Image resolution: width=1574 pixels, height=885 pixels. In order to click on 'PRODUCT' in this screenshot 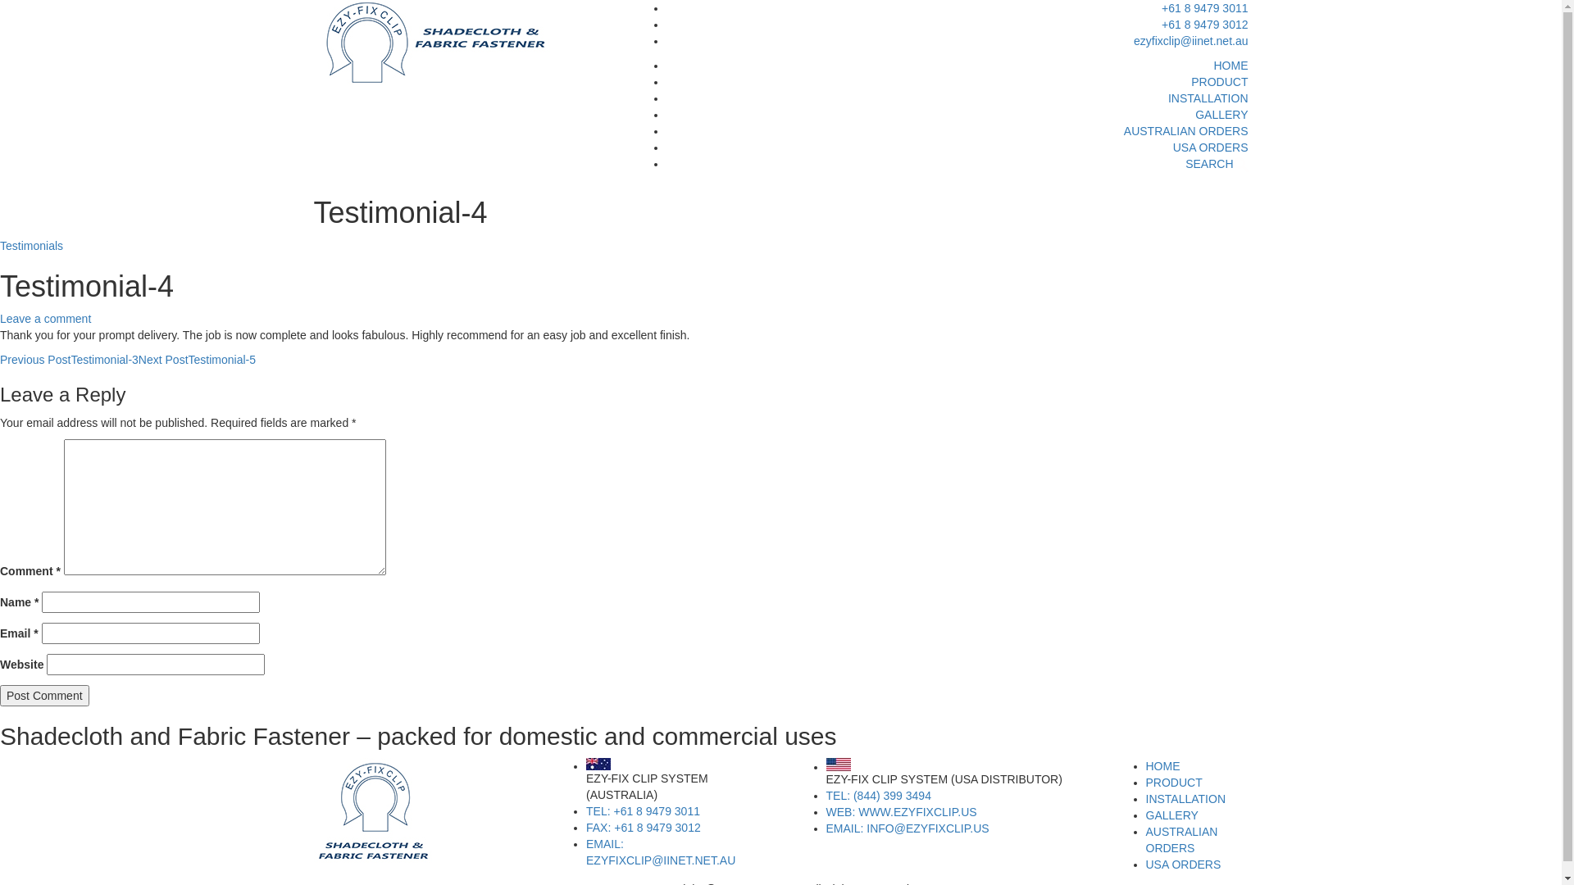, I will do `click(1219, 82)`.